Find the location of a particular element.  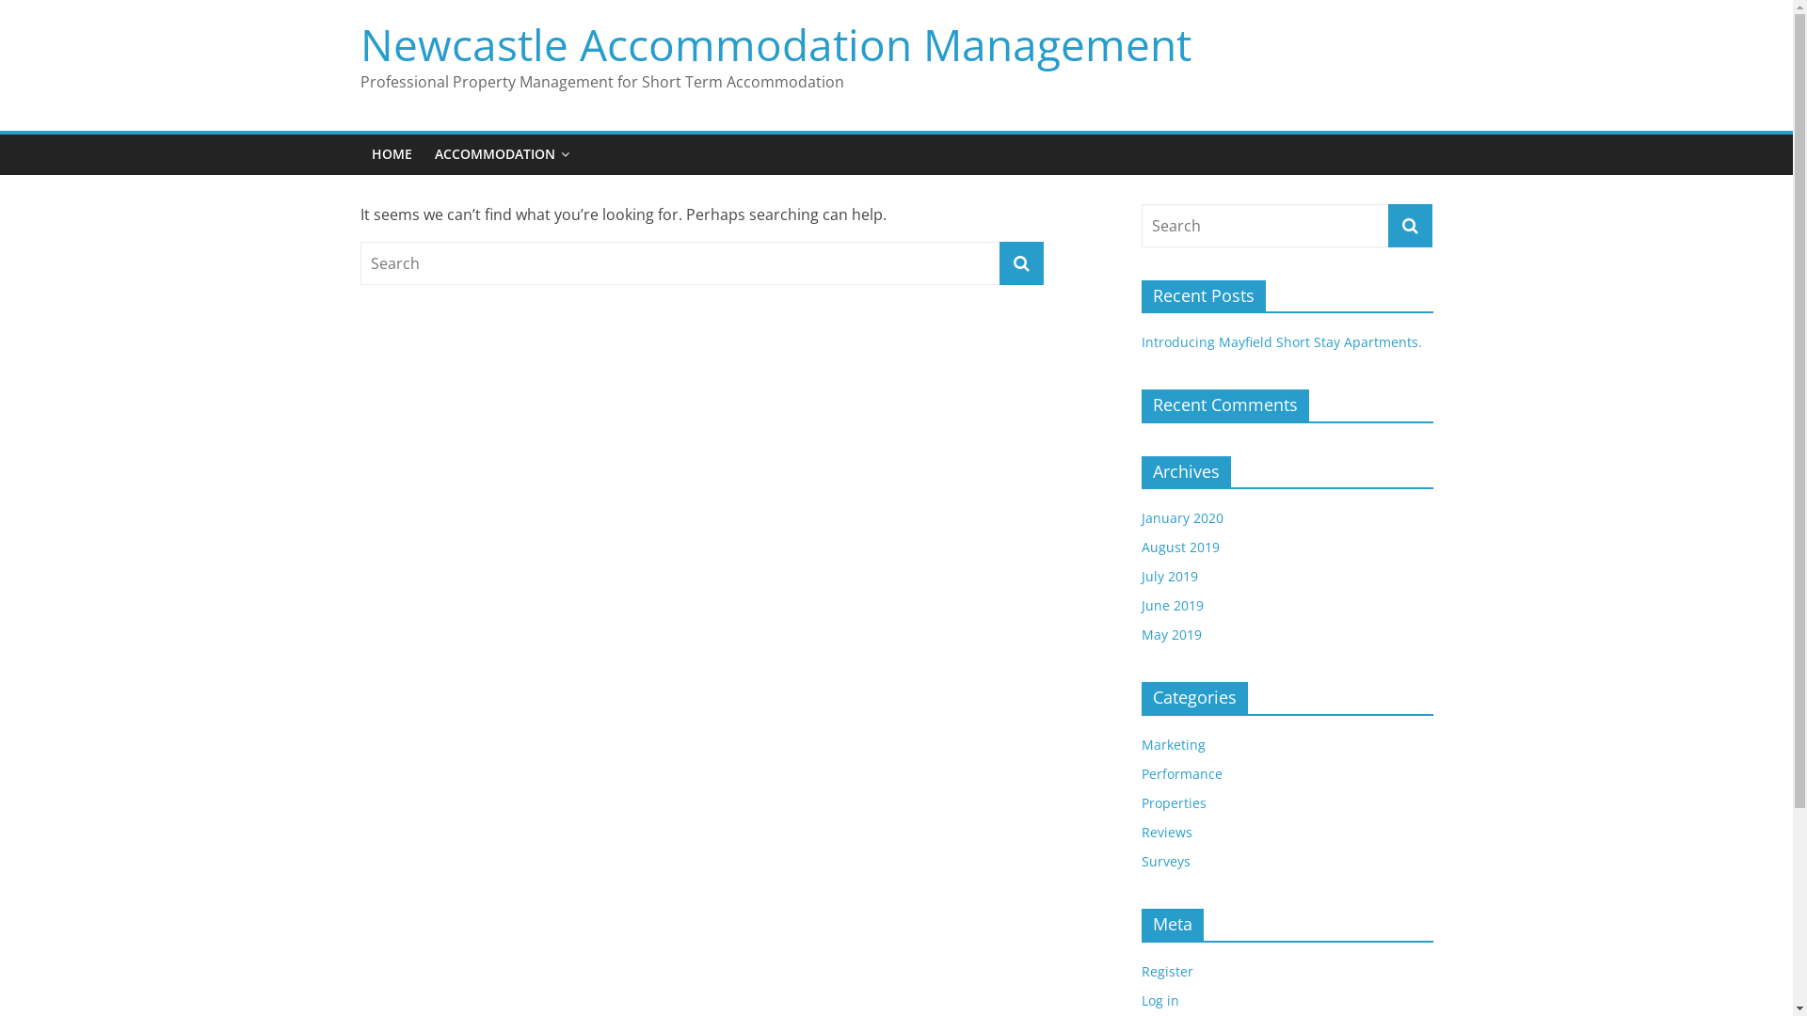

'Reviews' is located at coordinates (1139, 831).